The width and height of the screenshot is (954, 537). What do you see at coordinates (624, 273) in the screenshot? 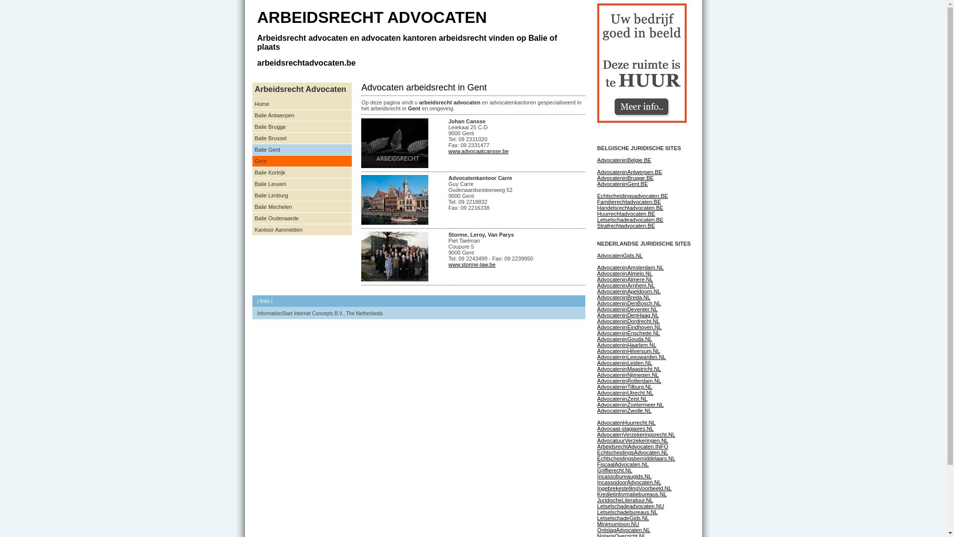
I see `'AdvocateninAlmelo.NL'` at bounding box center [624, 273].